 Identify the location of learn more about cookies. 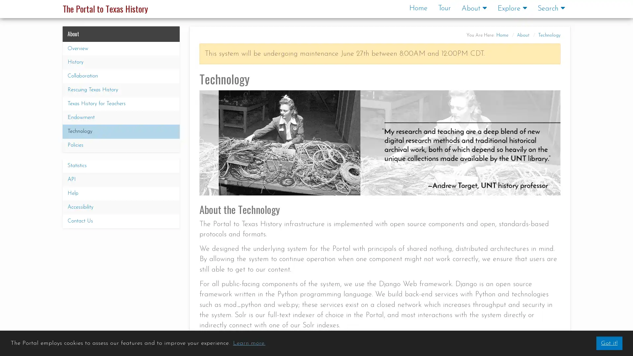
(249, 343).